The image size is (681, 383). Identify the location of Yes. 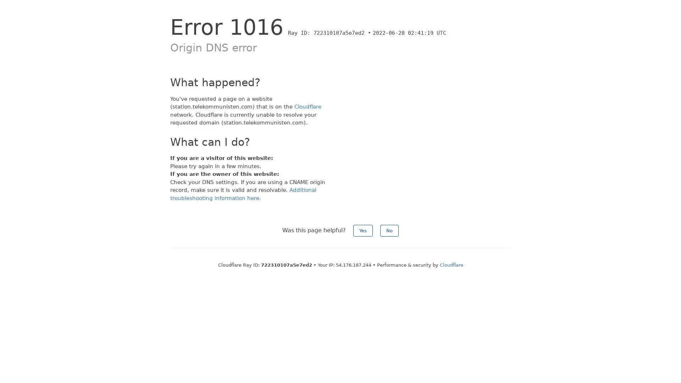
(363, 231).